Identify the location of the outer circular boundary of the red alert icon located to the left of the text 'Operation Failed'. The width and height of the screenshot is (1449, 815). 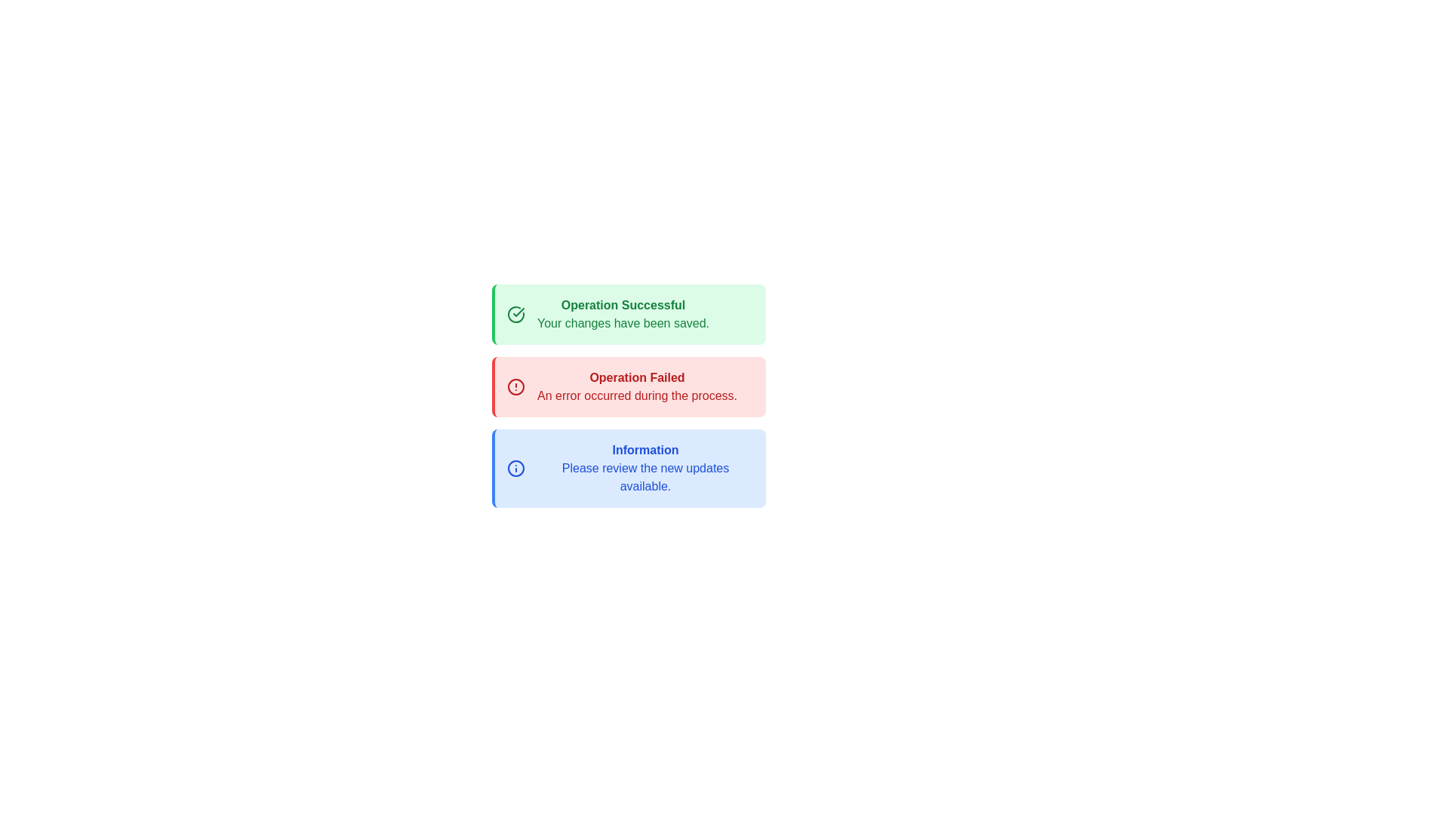
(516, 386).